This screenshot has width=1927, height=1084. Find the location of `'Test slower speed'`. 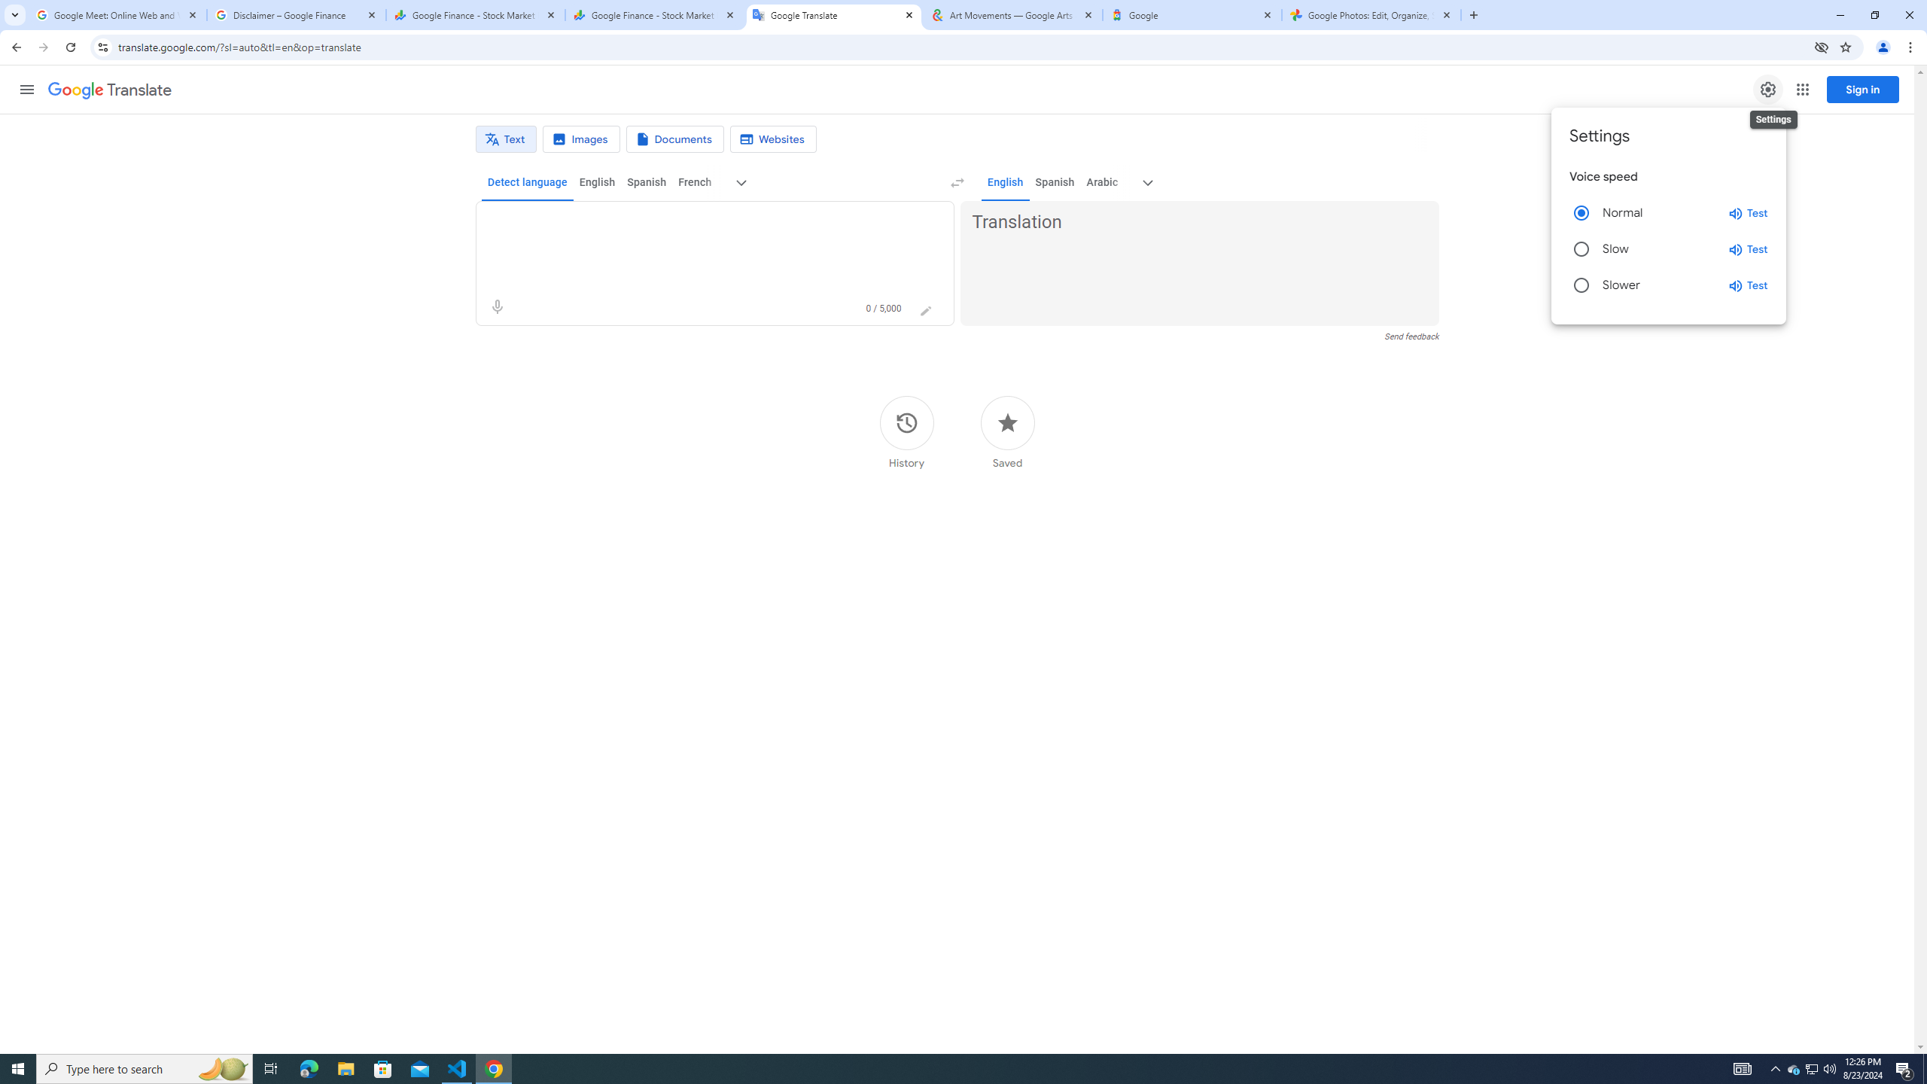

'Test slower speed' is located at coordinates (1746, 285).